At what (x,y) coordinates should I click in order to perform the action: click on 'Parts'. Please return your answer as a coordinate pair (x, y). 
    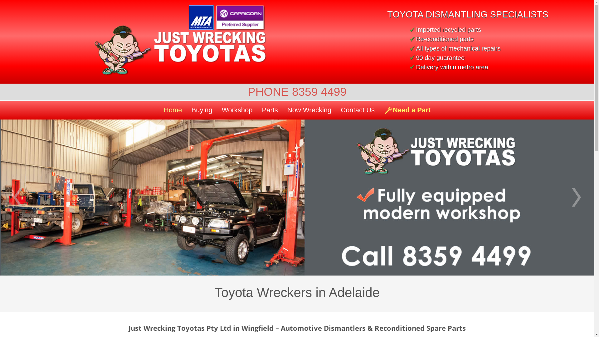
    Looking at the image, I should click on (270, 110).